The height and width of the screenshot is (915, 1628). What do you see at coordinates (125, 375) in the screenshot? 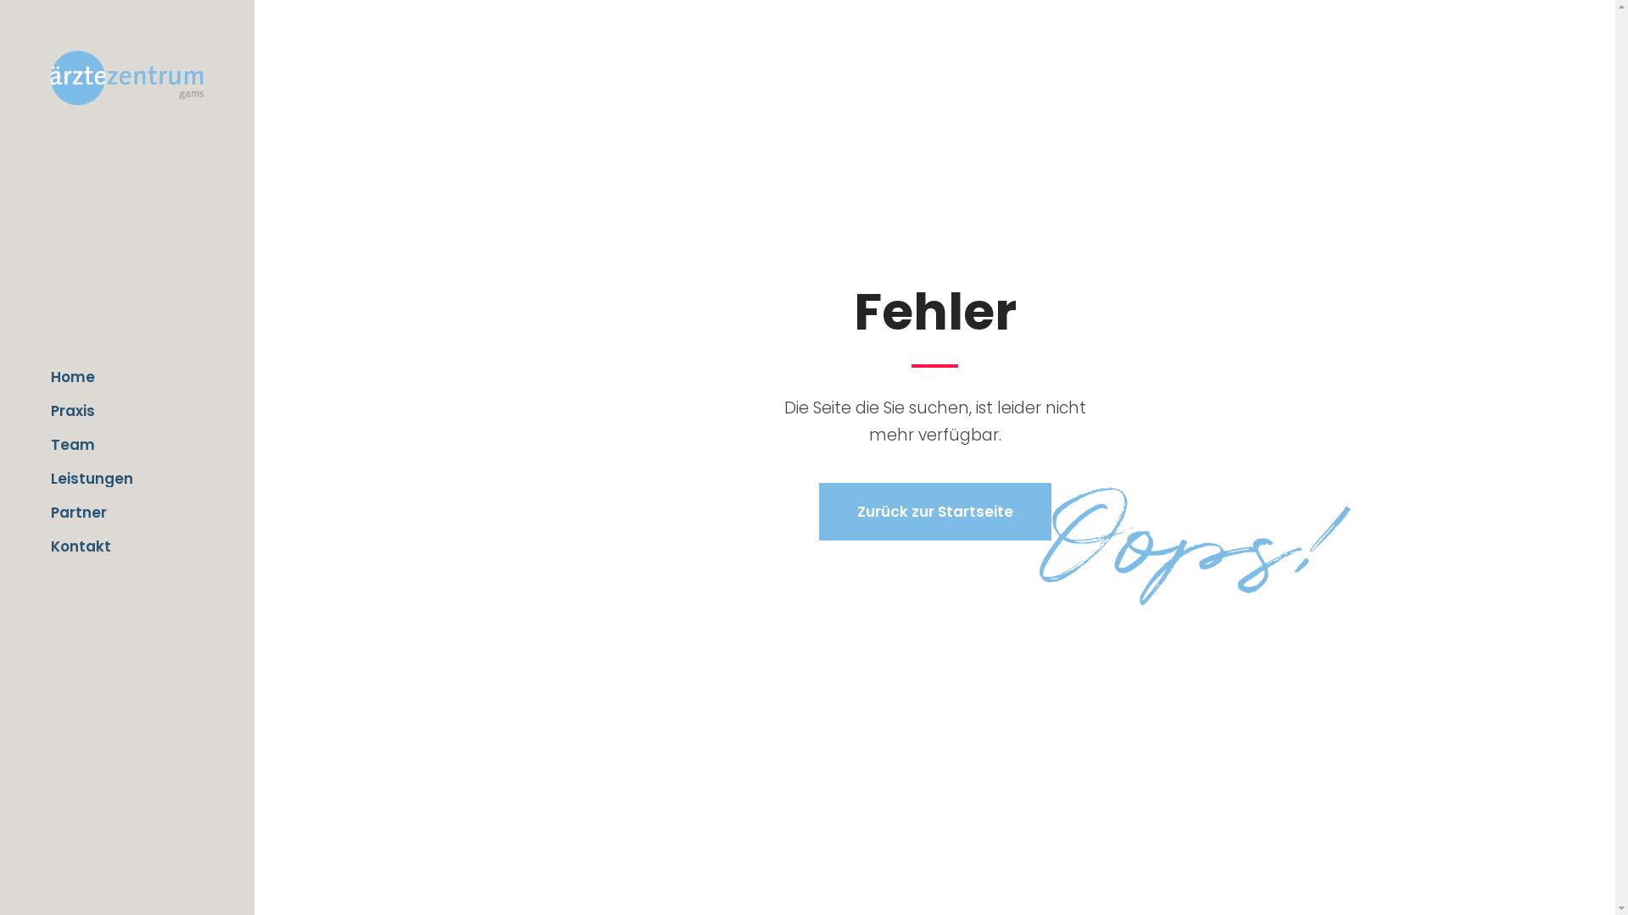
I see `'Home'` at bounding box center [125, 375].